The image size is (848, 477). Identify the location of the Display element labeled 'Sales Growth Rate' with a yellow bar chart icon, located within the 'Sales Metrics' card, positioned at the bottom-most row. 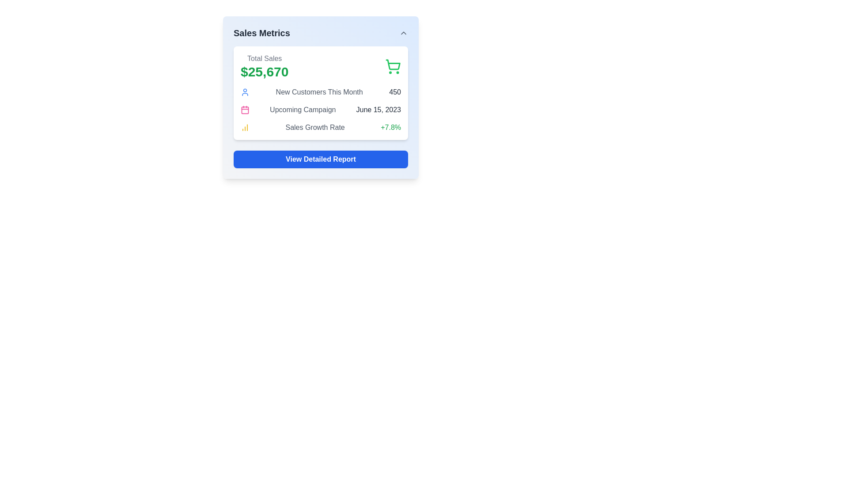
(320, 128).